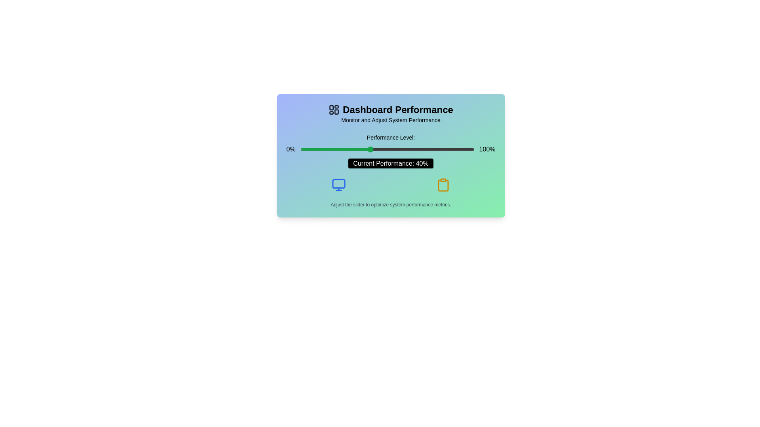 The width and height of the screenshot is (760, 427). I want to click on the slider to set the performance level to 59%, so click(403, 149).